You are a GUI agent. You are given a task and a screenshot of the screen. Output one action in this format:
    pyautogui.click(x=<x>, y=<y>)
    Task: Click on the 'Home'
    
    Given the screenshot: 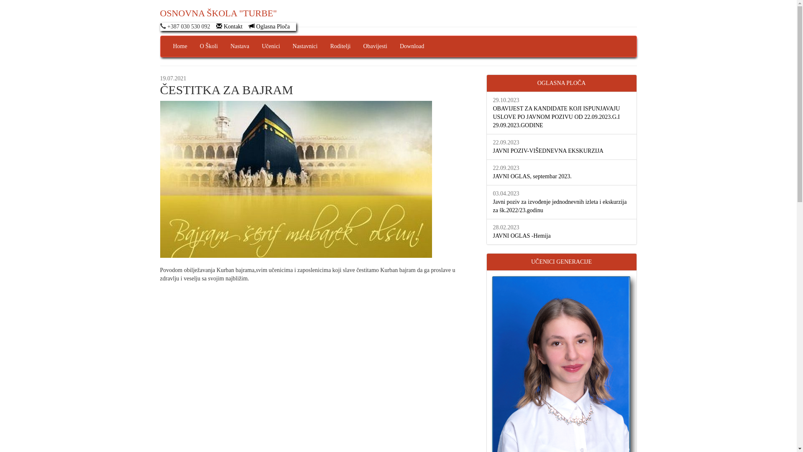 What is the action you would take?
    pyautogui.click(x=179, y=46)
    